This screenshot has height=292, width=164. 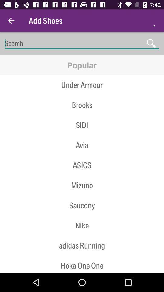 What do you see at coordinates (82, 195) in the screenshot?
I see `icon above saucony` at bounding box center [82, 195].